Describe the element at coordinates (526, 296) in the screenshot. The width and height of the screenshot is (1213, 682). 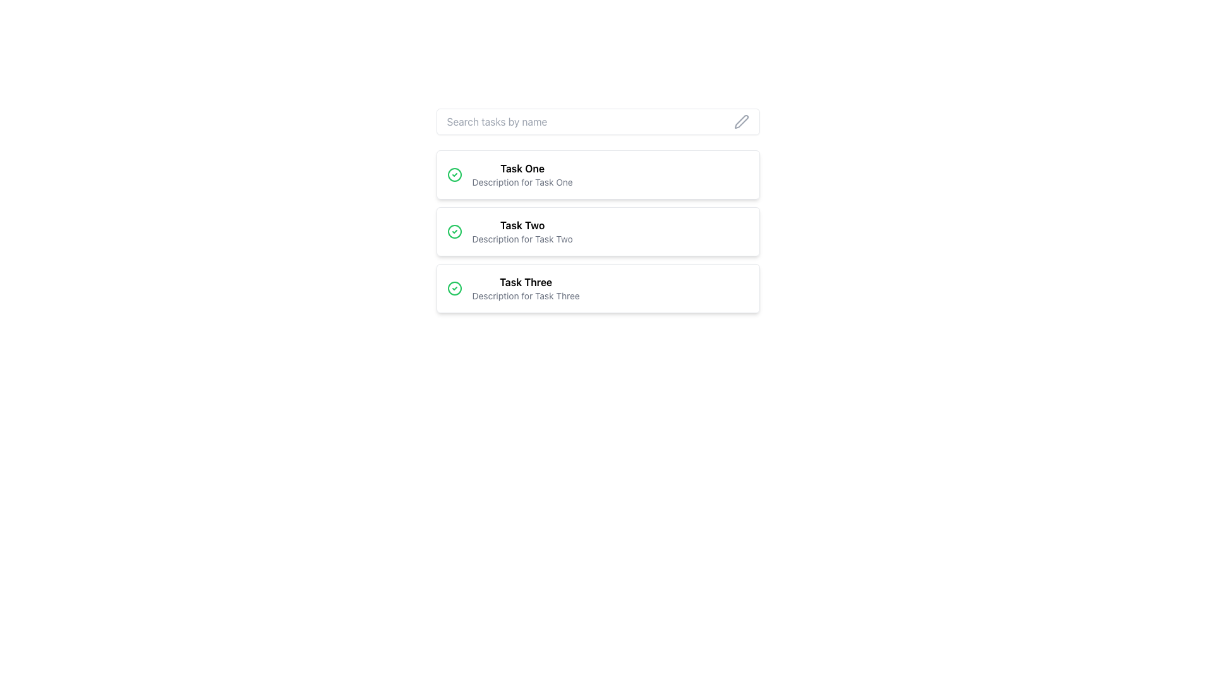
I see `the static text label that provides a brief description for 'Task Three', which is positioned below the heading text 'Task Three' in the third task card` at that location.